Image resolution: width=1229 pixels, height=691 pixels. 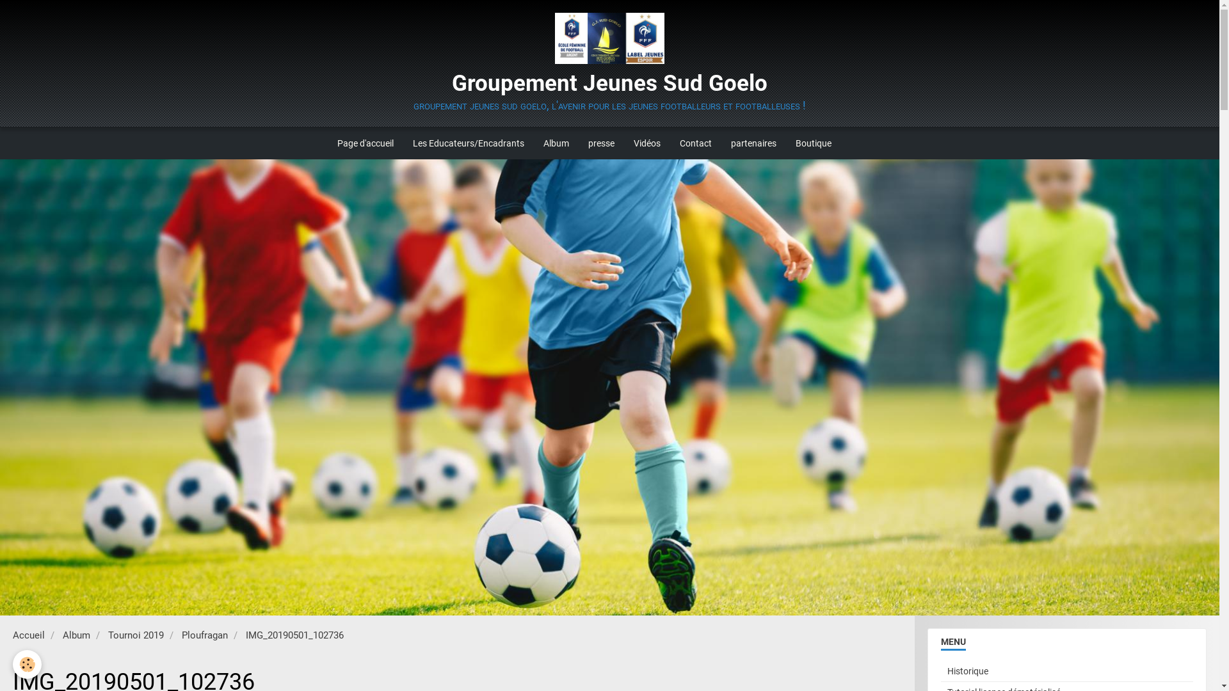 What do you see at coordinates (600, 143) in the screenshot?
I see `'presse'` at bounding box center [600, 143].